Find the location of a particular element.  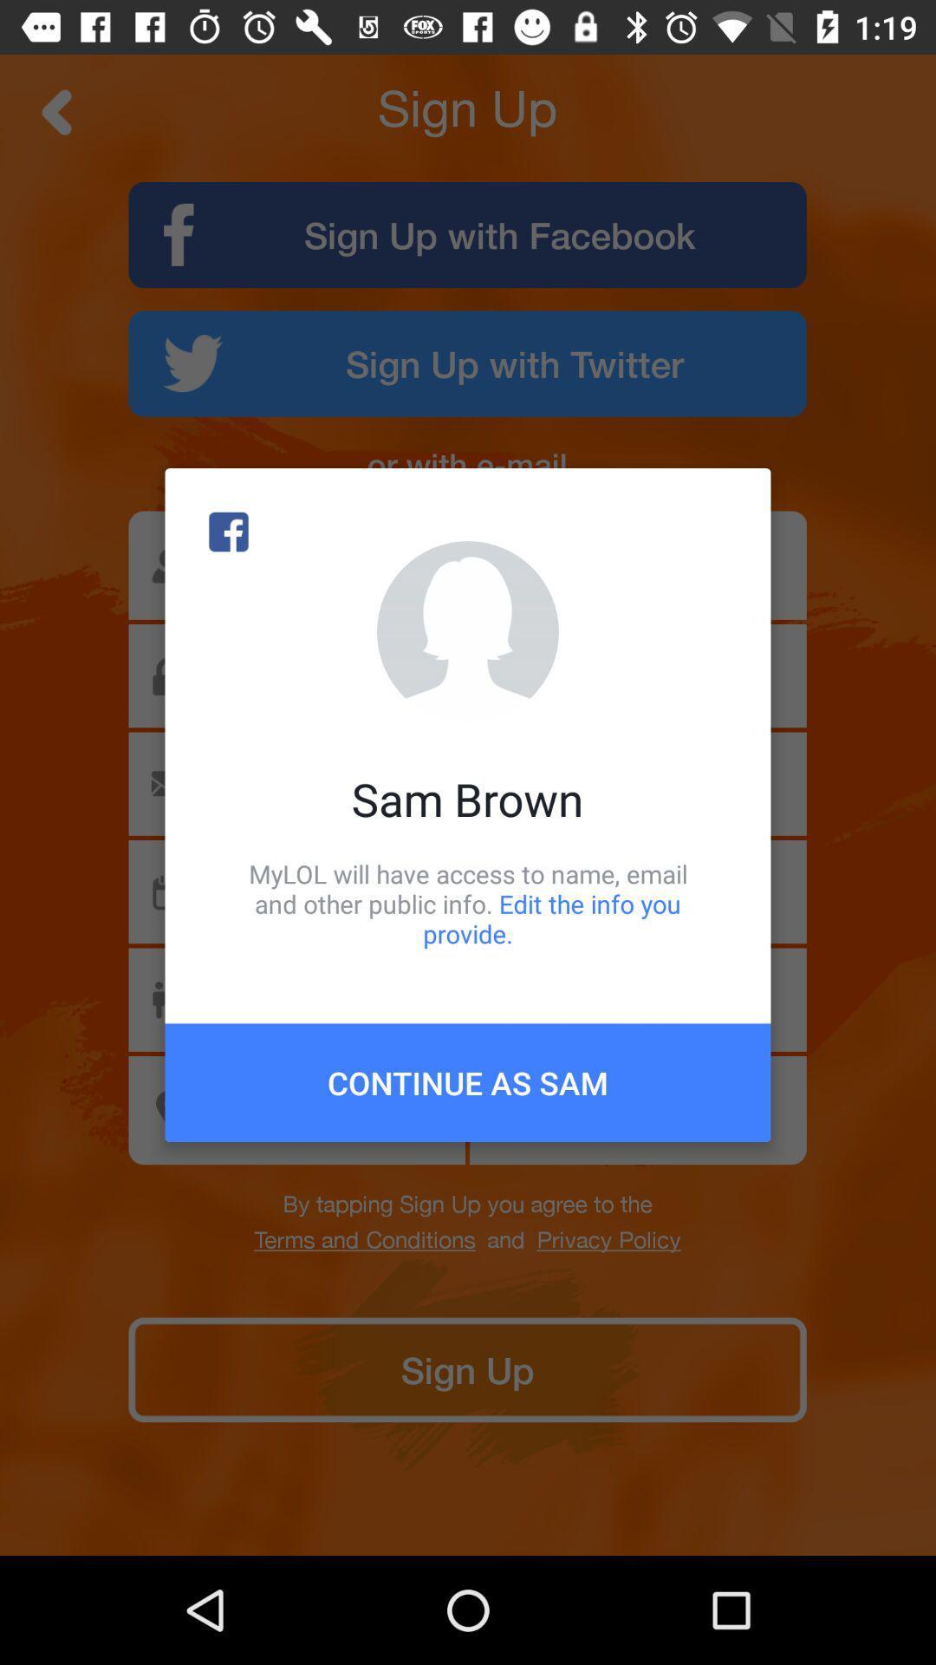

the mylol will have icon is located at coordinates (468, 903).